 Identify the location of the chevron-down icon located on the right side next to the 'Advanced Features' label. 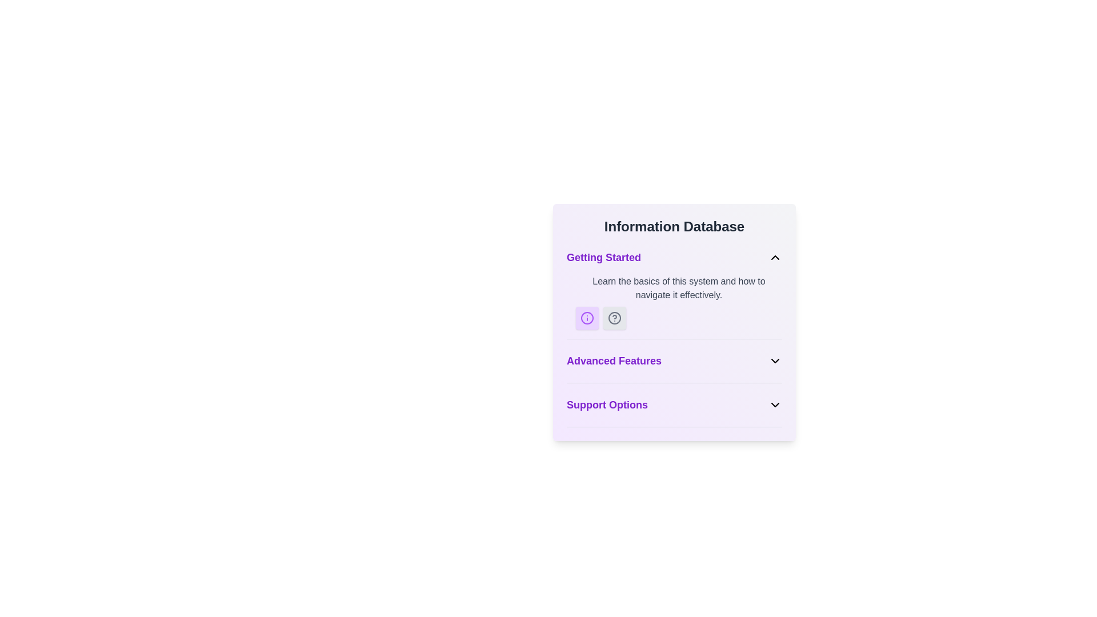
(775, 361).